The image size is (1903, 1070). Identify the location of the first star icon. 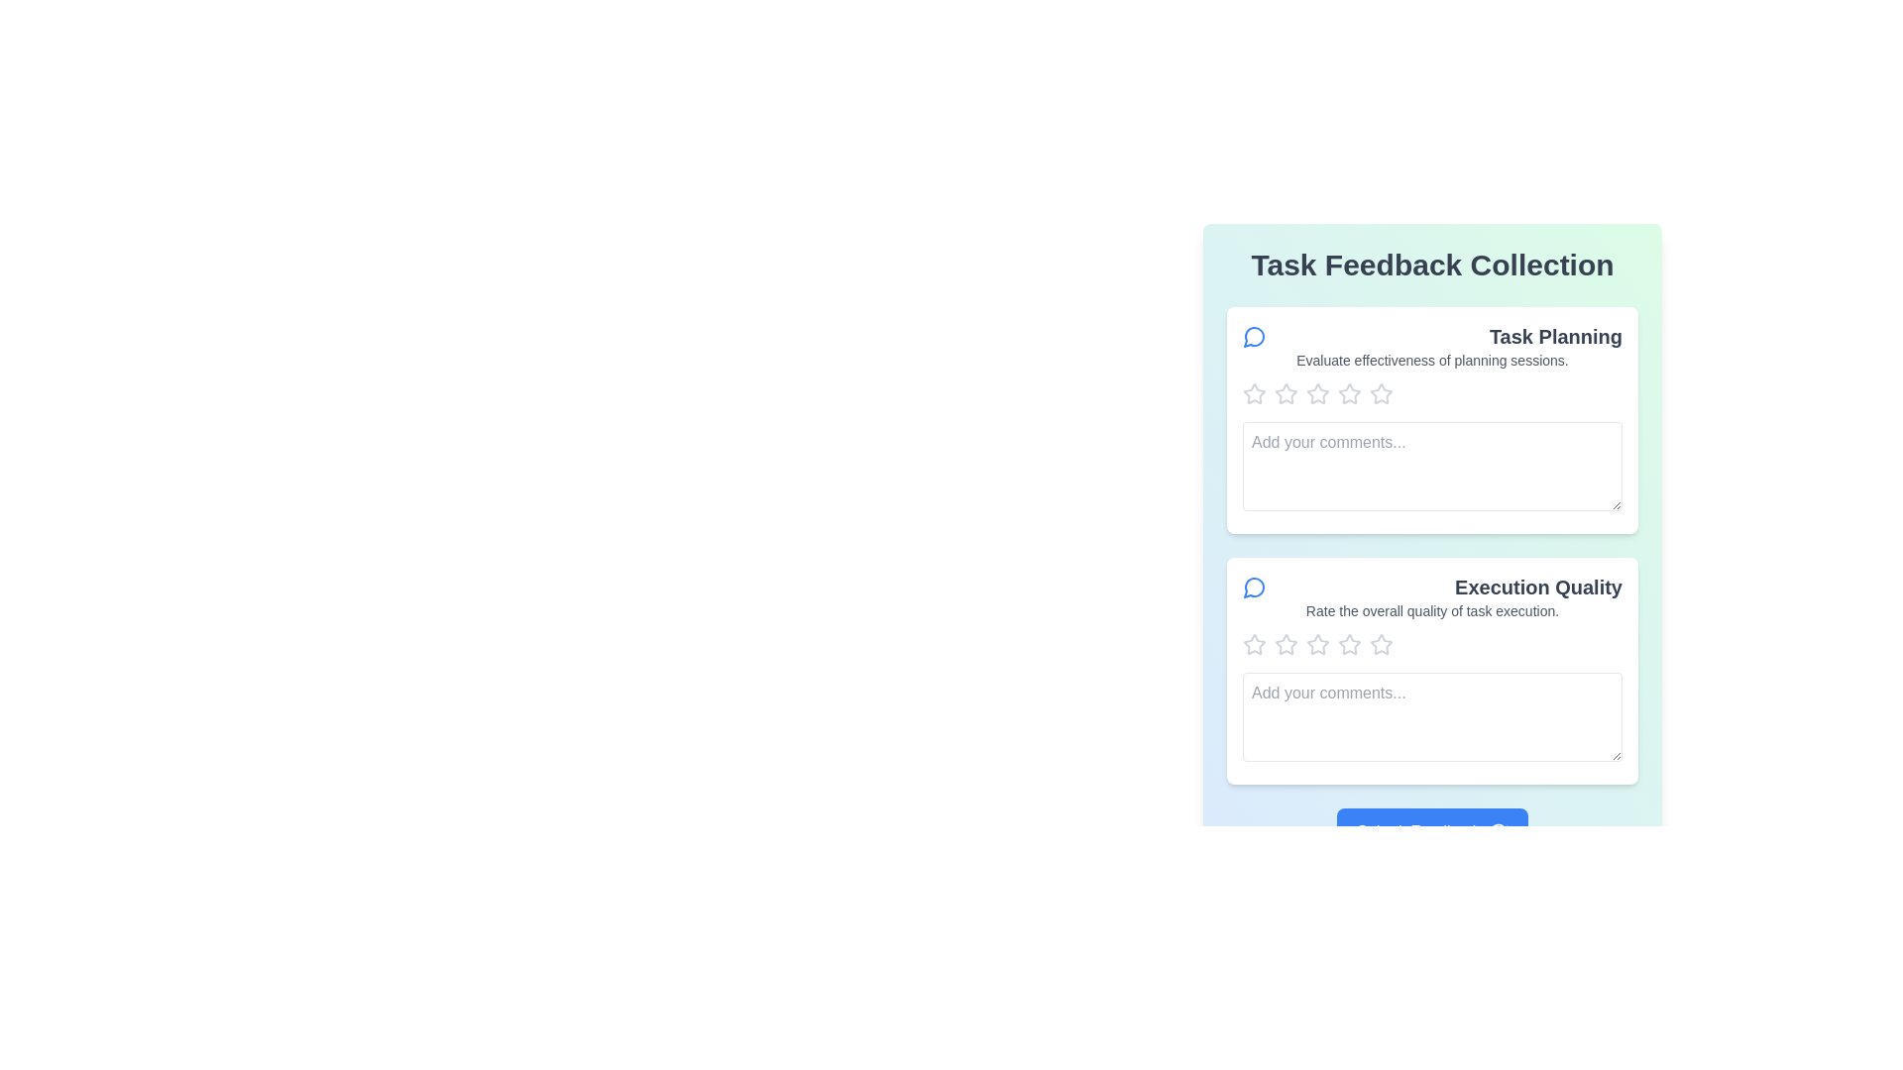
(1286, 393).